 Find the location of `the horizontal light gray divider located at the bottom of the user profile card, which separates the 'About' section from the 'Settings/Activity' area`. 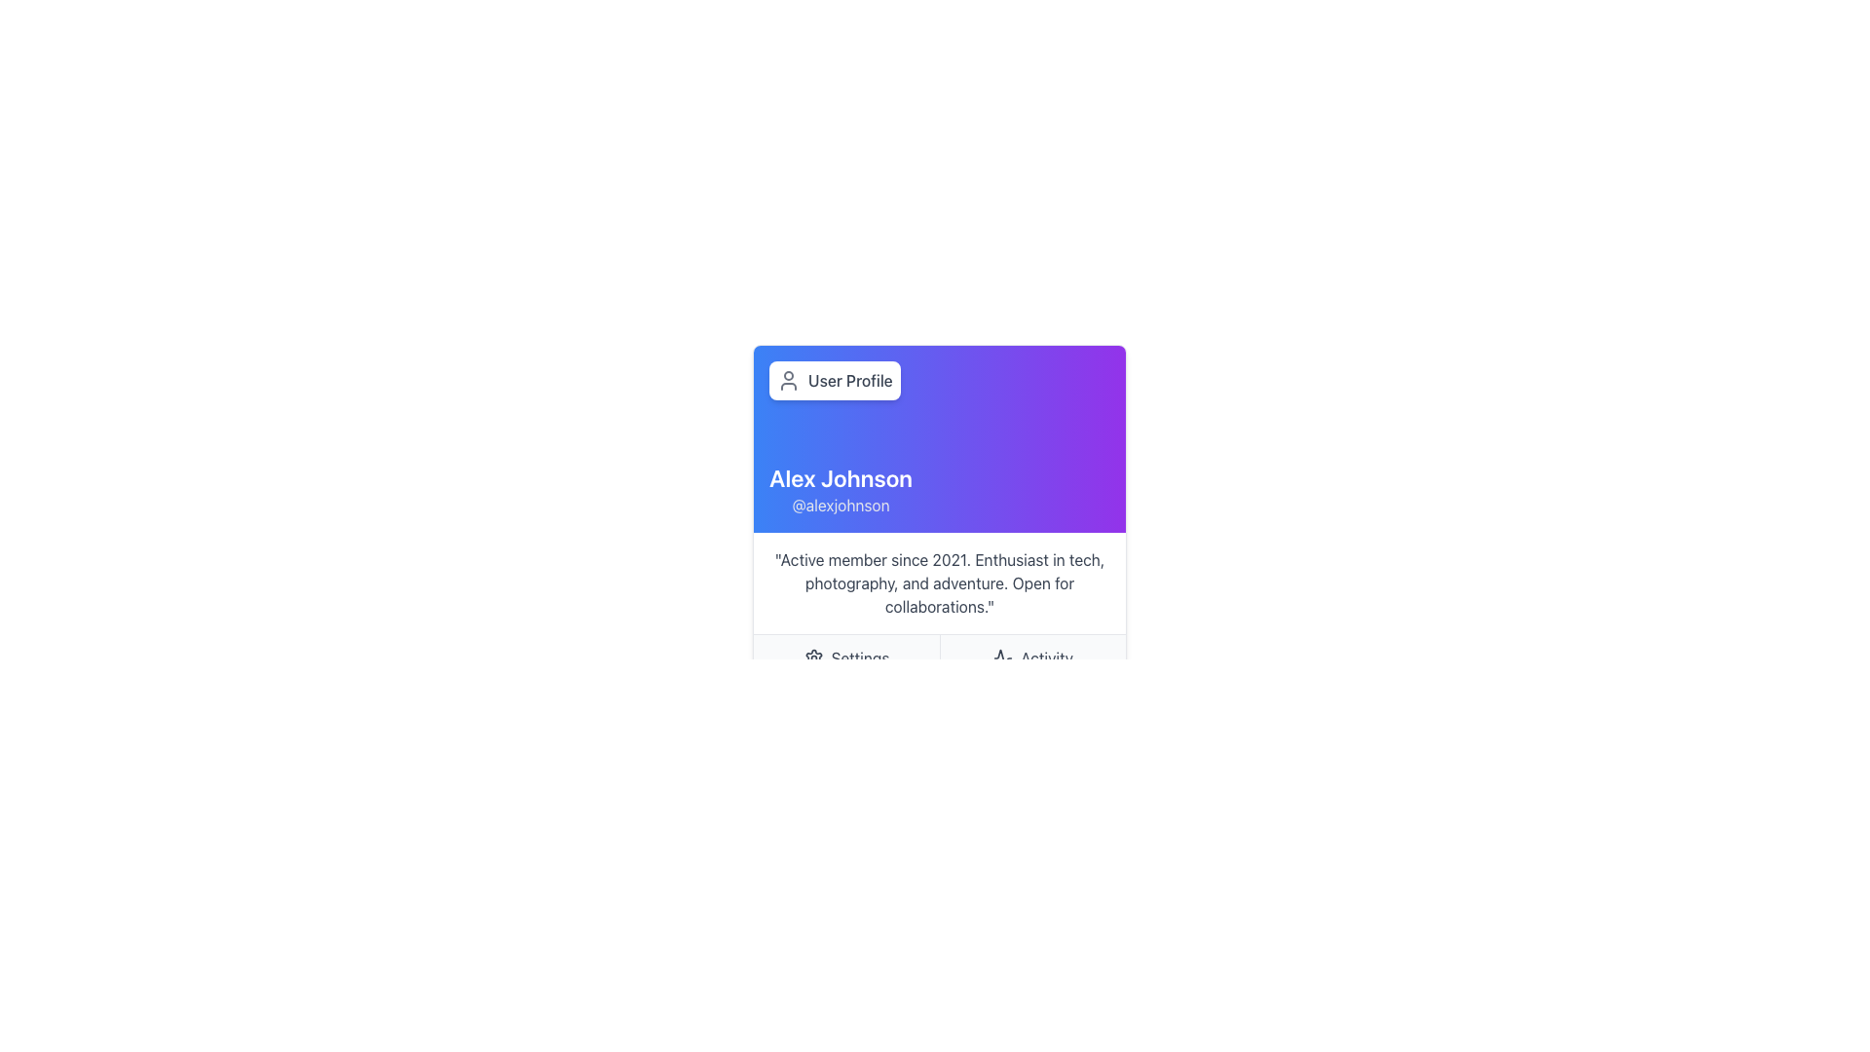

the horizontal light gray divider located at the bottom of the user profile card, which separates the 'About' section from the 'Settings/Activity' area is located at coordinates (939, 657).